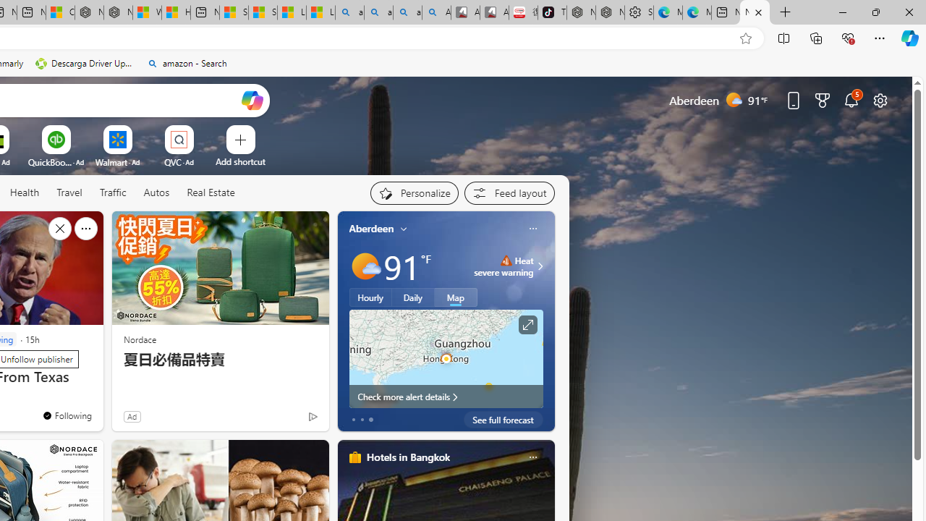 Image resolution: width=926 pixels, height=521 pixels. What do you see at coordinates (504, 266) in the screenshot?
I see `'Heat - Severe Heat severe warning'` at bounding box center [504, 266].